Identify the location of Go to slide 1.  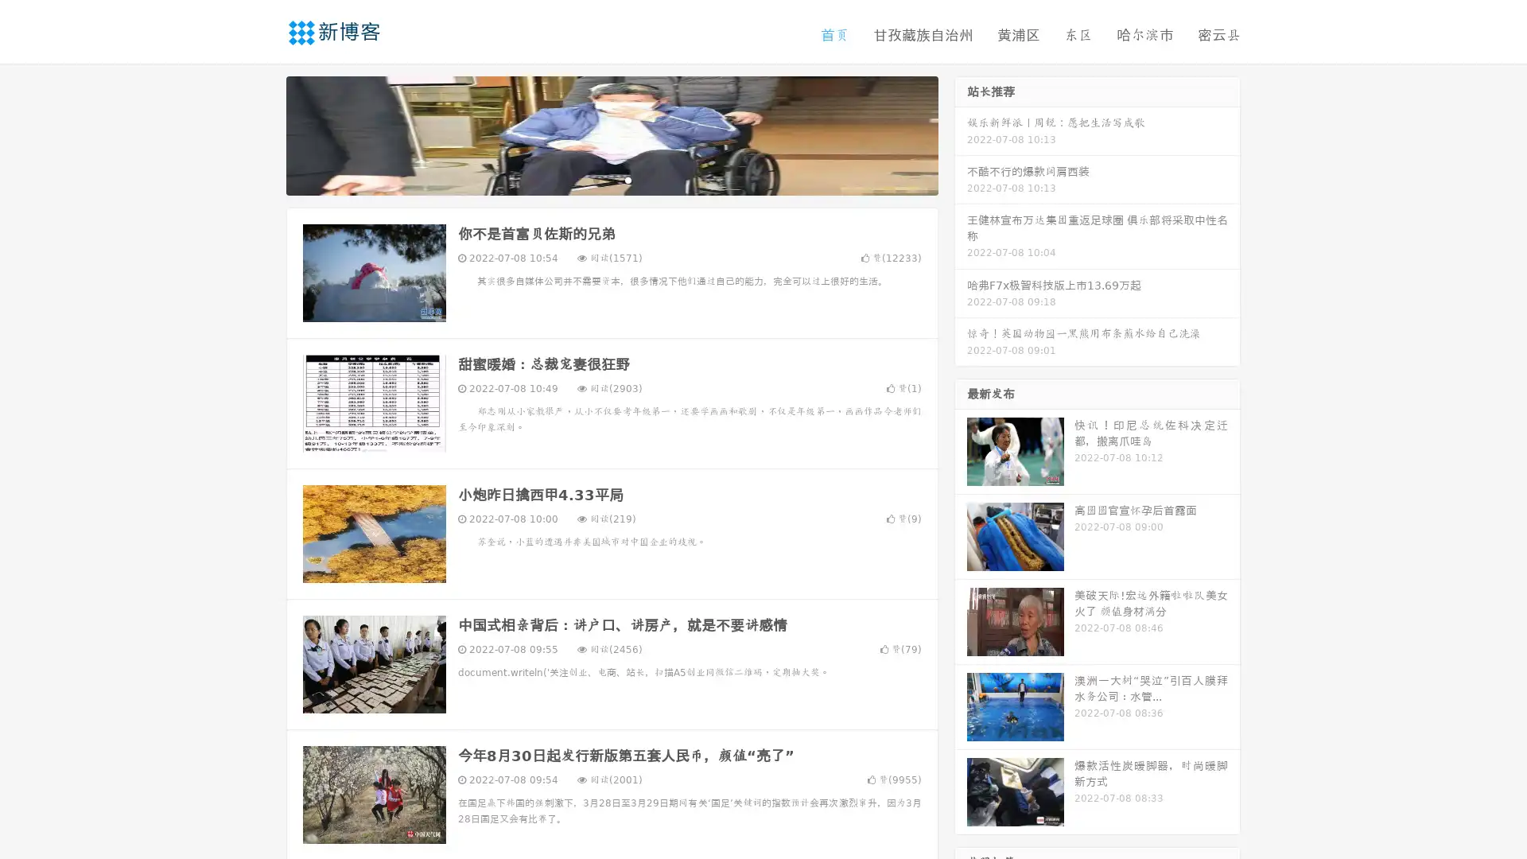
(595, 179).